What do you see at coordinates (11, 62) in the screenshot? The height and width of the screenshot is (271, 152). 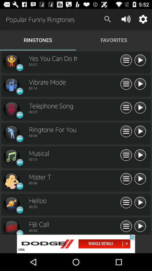 I see `icon or logo` at bounding box center [11, 62].